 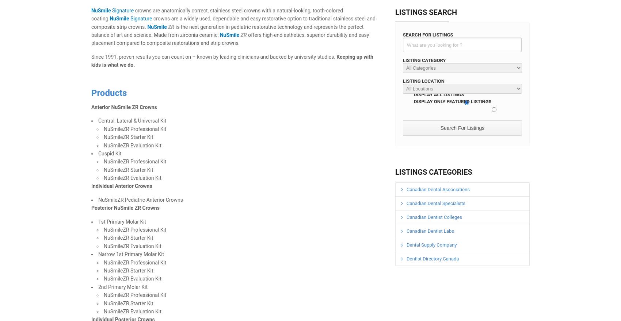 I want to click on 'Canadian Dentist Colleges', so click(x=433, y=217).